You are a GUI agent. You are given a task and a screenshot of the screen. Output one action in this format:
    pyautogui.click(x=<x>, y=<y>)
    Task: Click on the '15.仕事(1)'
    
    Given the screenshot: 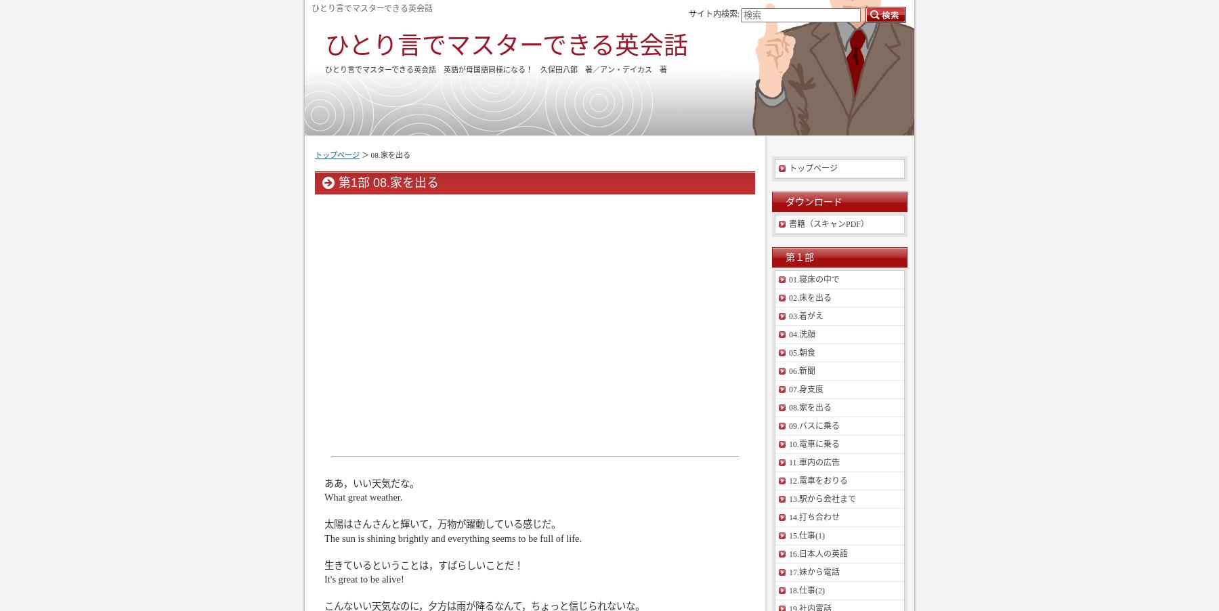 What is the action you would take?
    pyautogui.click(x=806, y=534)
    